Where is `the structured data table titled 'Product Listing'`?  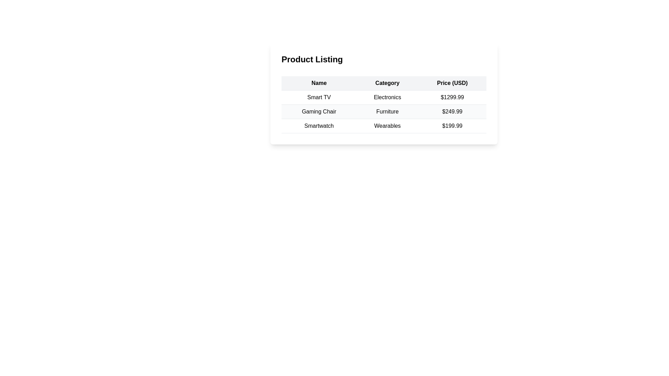 the structured data table titled 'Product Listing' is located at coordinates (384, 93).